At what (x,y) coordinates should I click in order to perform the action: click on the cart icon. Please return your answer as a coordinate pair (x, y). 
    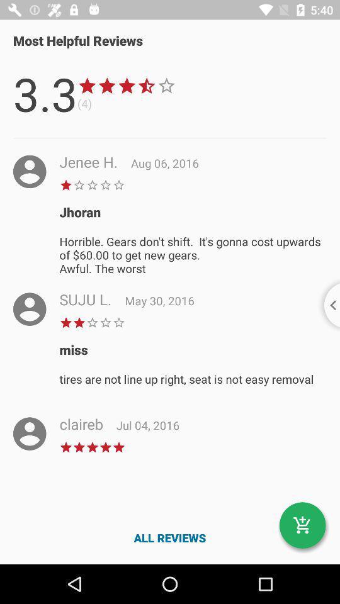
    Looking at the image, I should click on (302, 525).